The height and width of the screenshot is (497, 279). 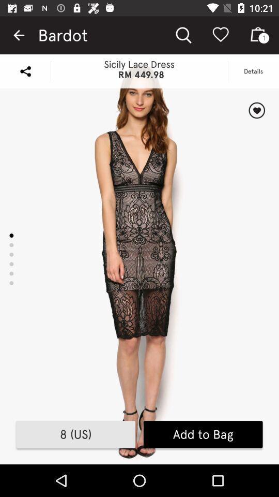 I want to click on item to the left of the bardot, so click(x=19, y=35).